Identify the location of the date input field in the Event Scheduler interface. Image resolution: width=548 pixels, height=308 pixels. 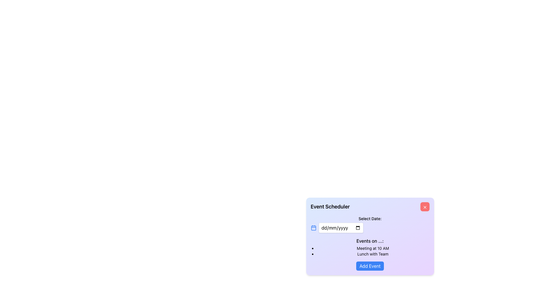
(341, 227).